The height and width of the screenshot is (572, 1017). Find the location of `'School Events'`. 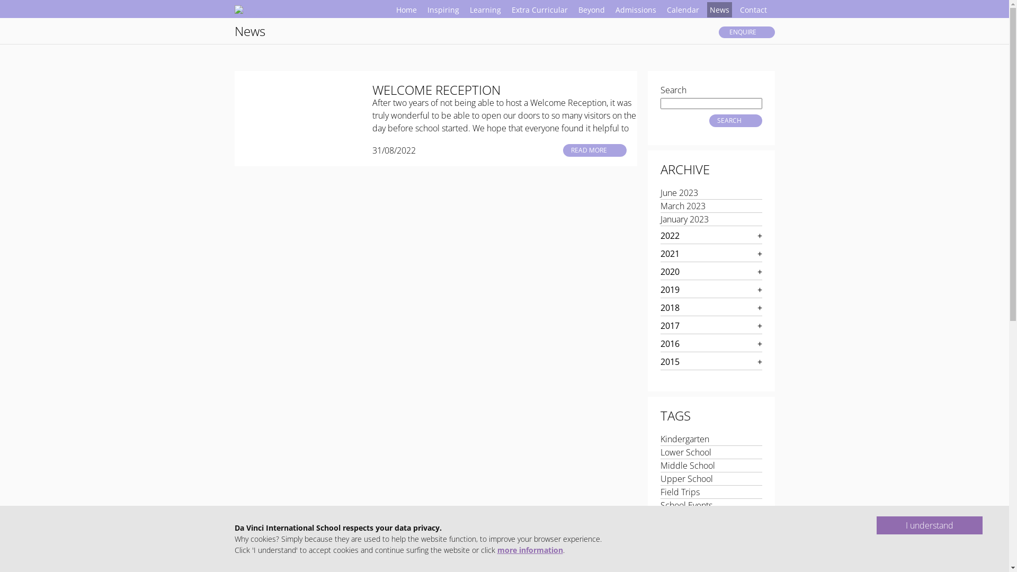

'School Events' is located at coordinates (659, 504).